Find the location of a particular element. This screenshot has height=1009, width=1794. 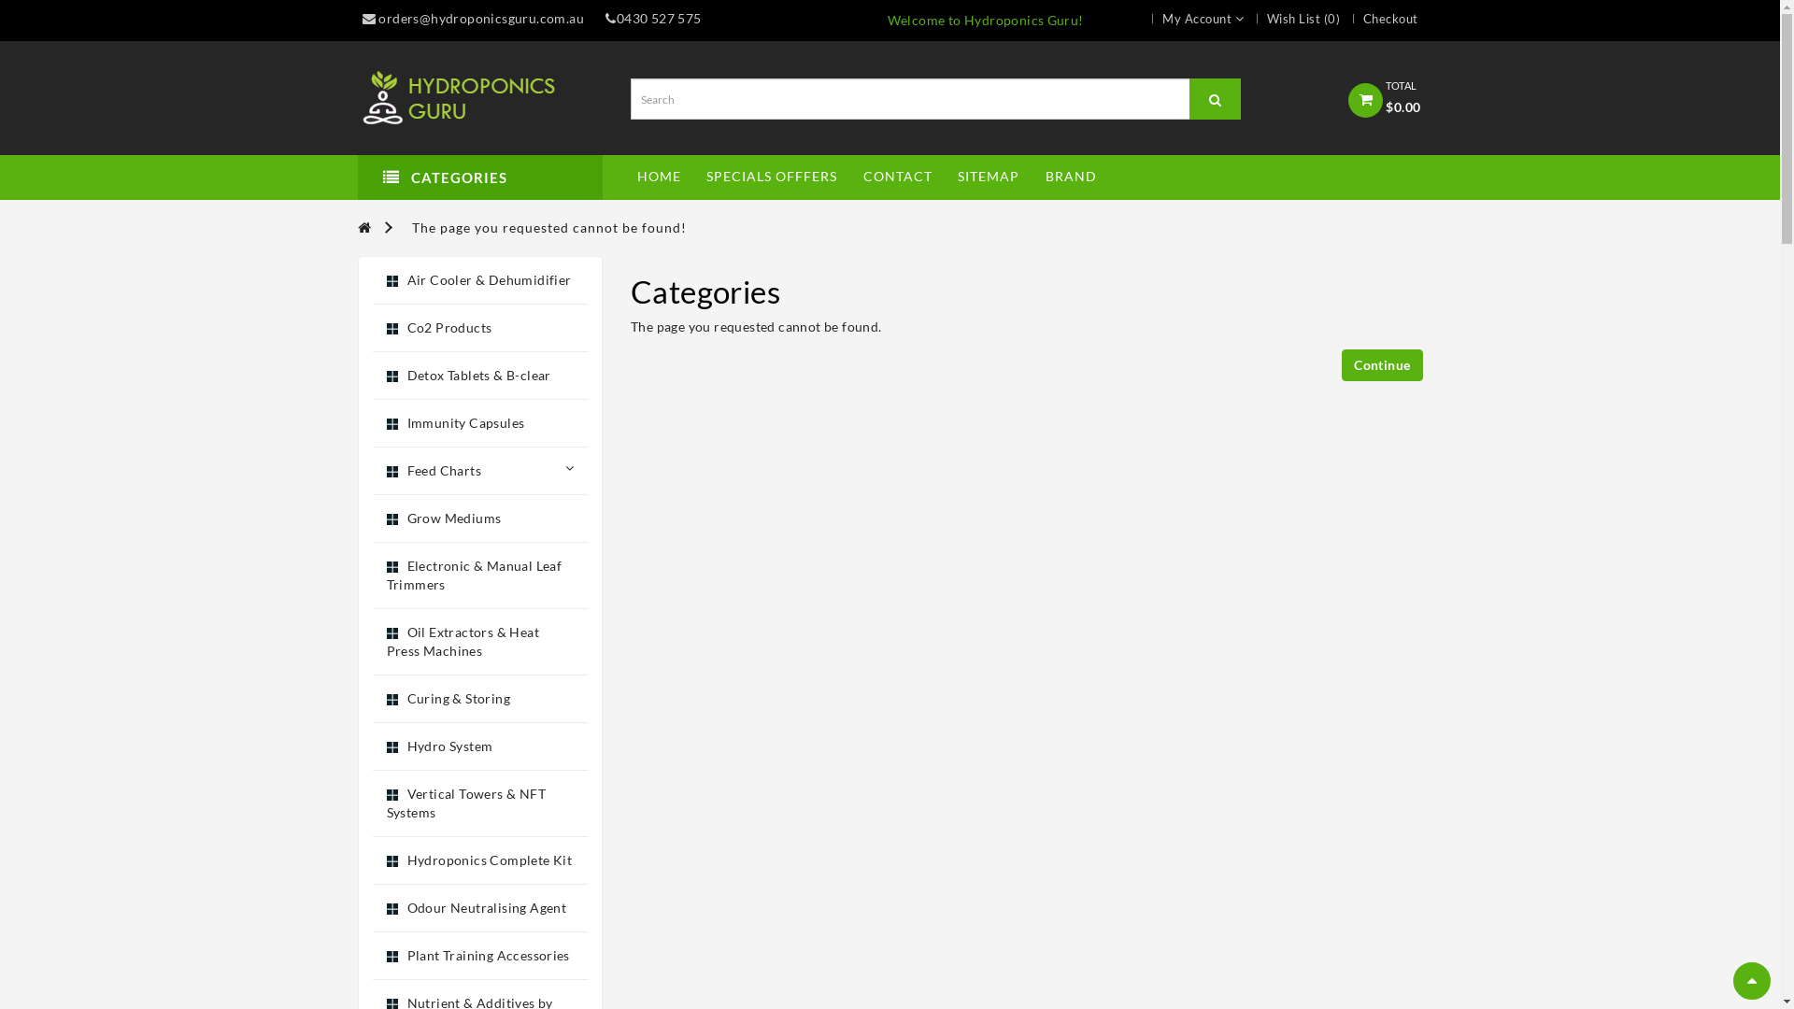

'orders@hydroponicsguru.com.au' is located at coordinates (473, 18).